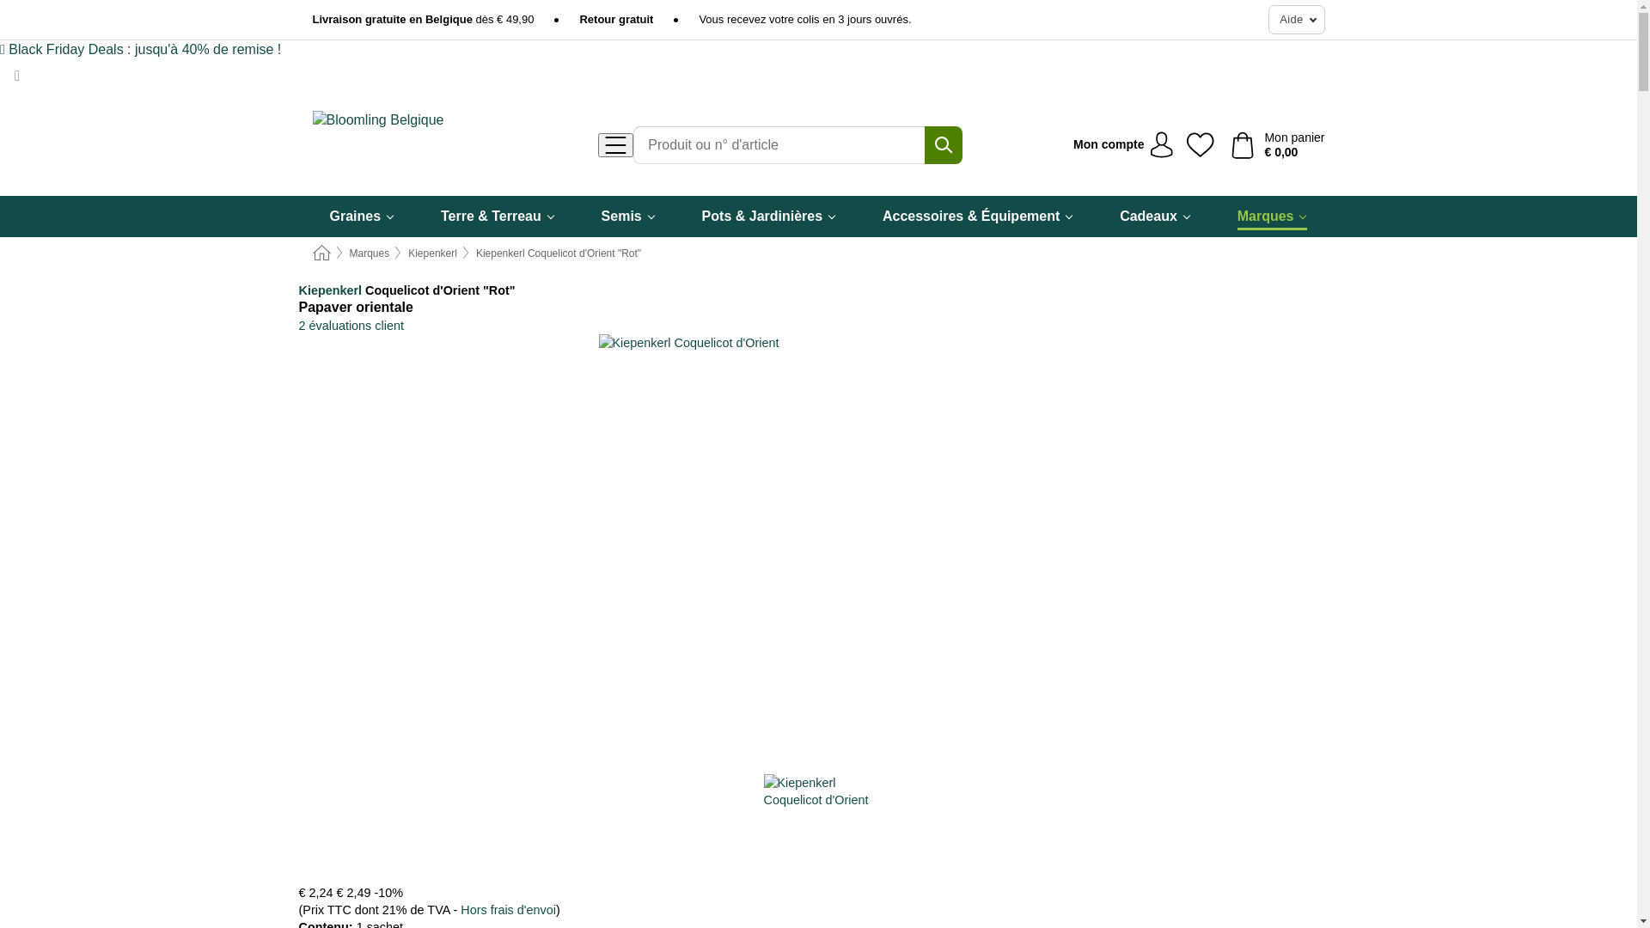 The height and width of the screenshot is (928, 1650). Describe the element at coordinates (1122, 144) in the screenshot. I see `'Mon compte'` at that location.